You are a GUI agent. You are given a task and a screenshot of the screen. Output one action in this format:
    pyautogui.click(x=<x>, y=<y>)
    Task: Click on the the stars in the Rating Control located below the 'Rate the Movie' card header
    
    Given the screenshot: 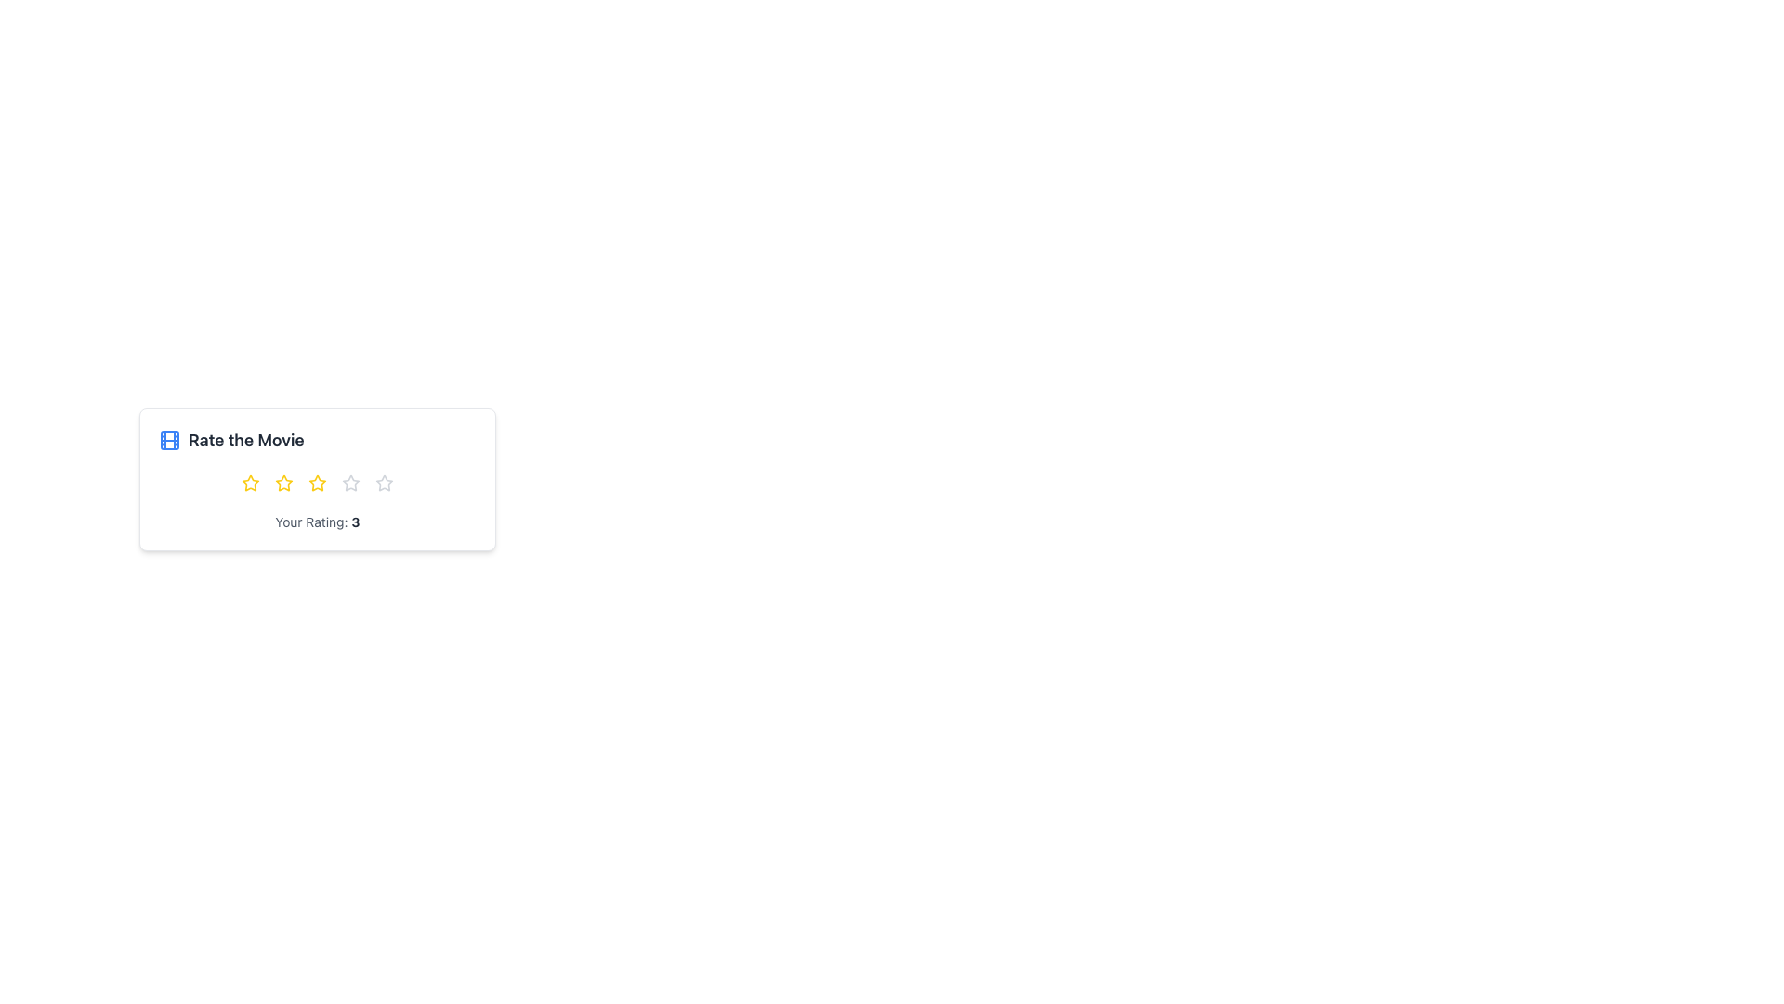 What is the action you would take?
    pyautogui.click(x=317, y=482)
    